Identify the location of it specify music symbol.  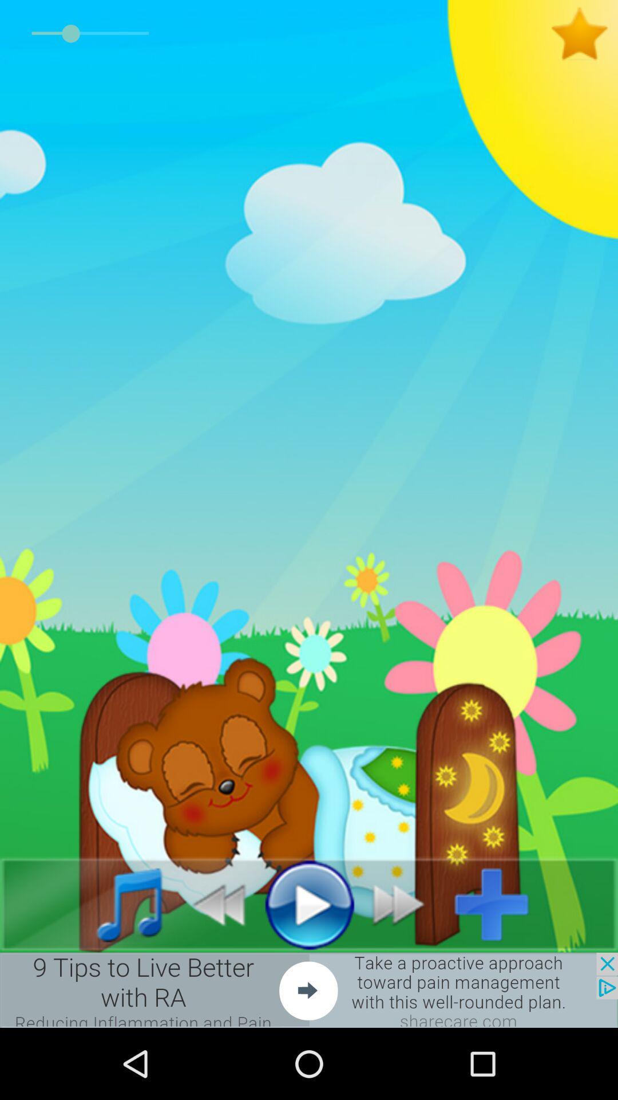
(117, 903).